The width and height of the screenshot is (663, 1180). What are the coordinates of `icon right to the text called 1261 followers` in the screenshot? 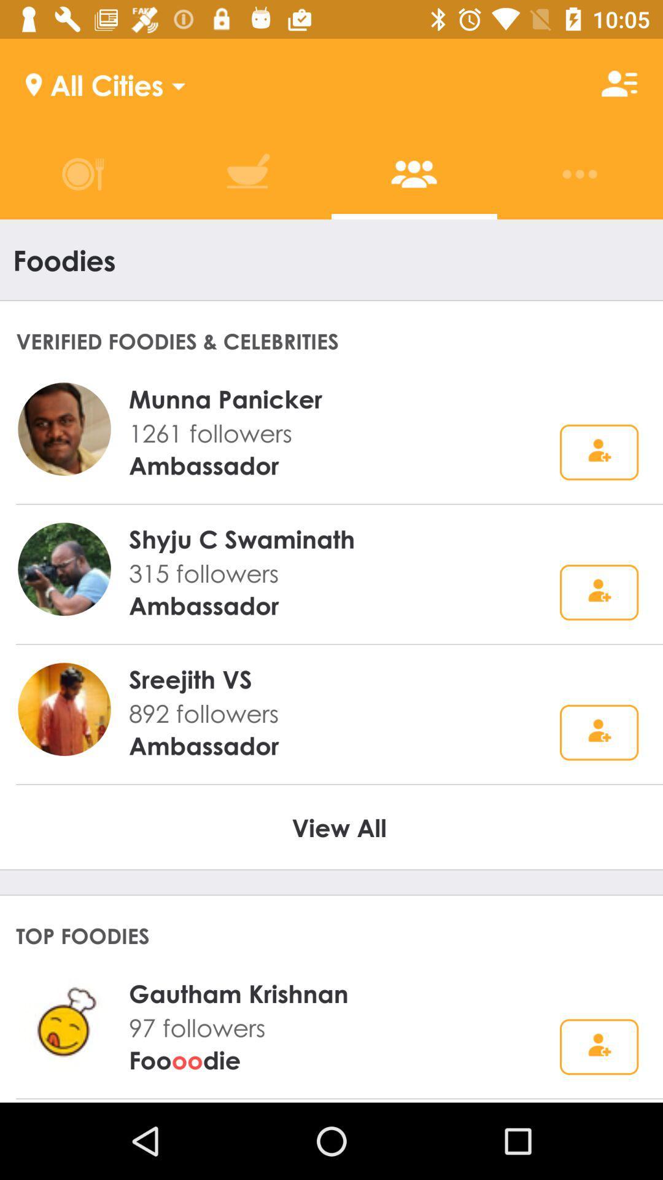 It's located at (598, 452).